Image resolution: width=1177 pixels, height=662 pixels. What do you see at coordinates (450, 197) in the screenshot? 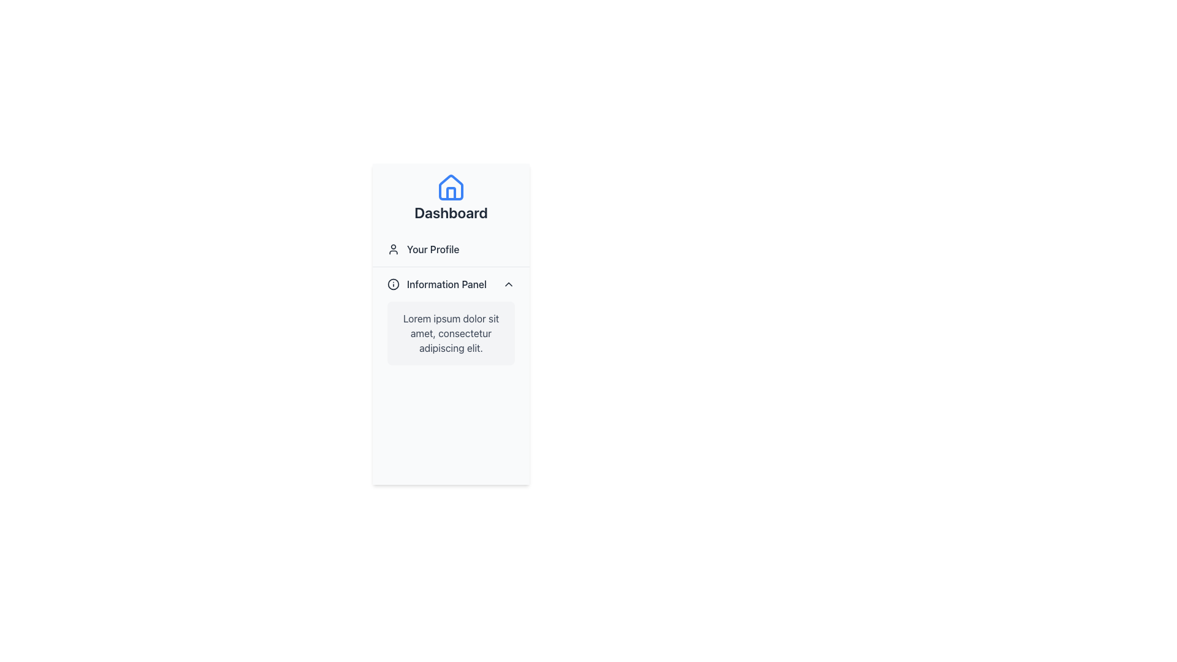
I see `the Navigation Item with a house icon and 'Dashboard' text` at bounding box center [450, 197].